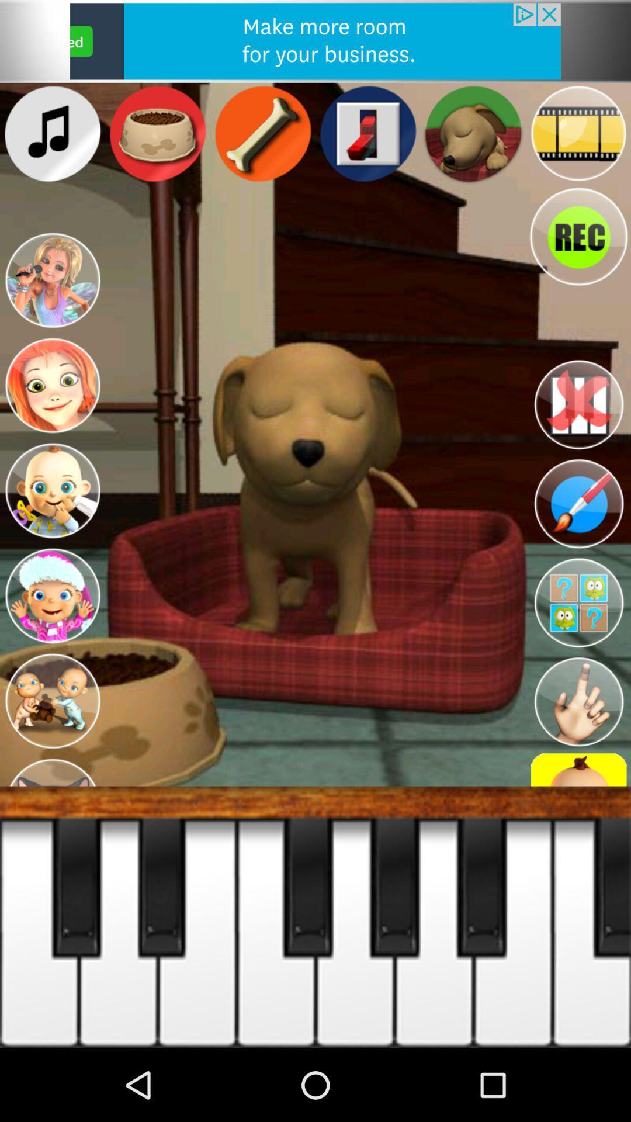 Image resolution: width=631 pixels, height=1122 pixels. I want to click on icon with text rec on a page, so click(578, 236).